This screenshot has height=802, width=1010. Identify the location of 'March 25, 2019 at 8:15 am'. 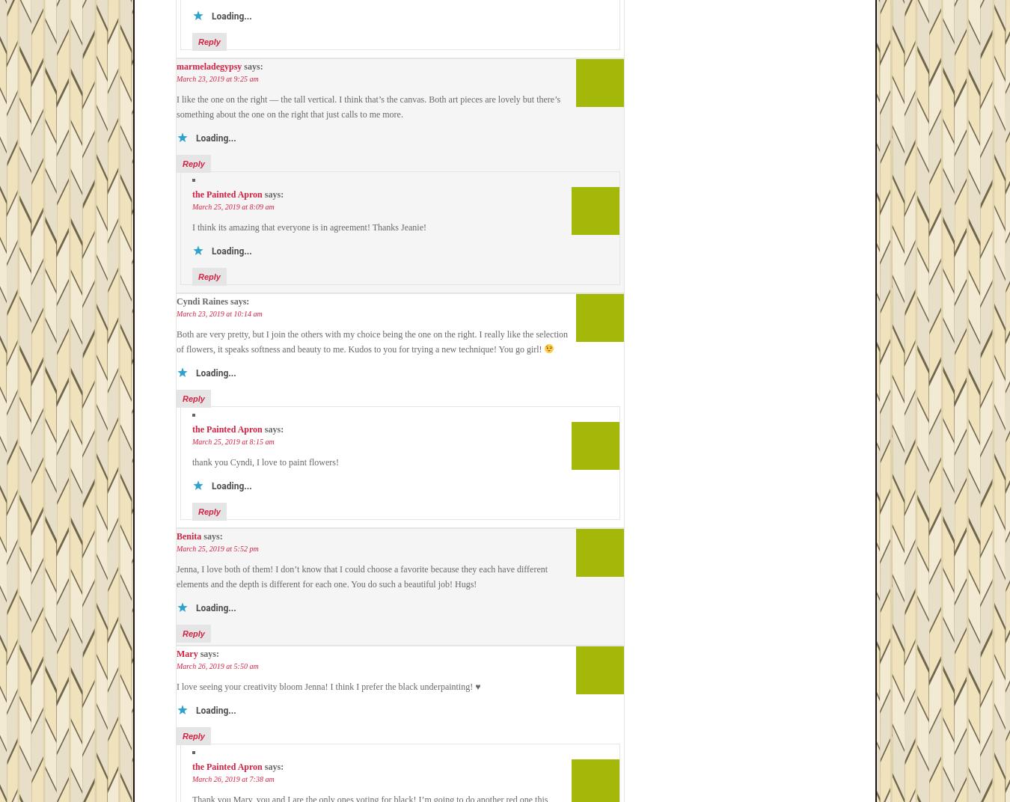
(232, 441).